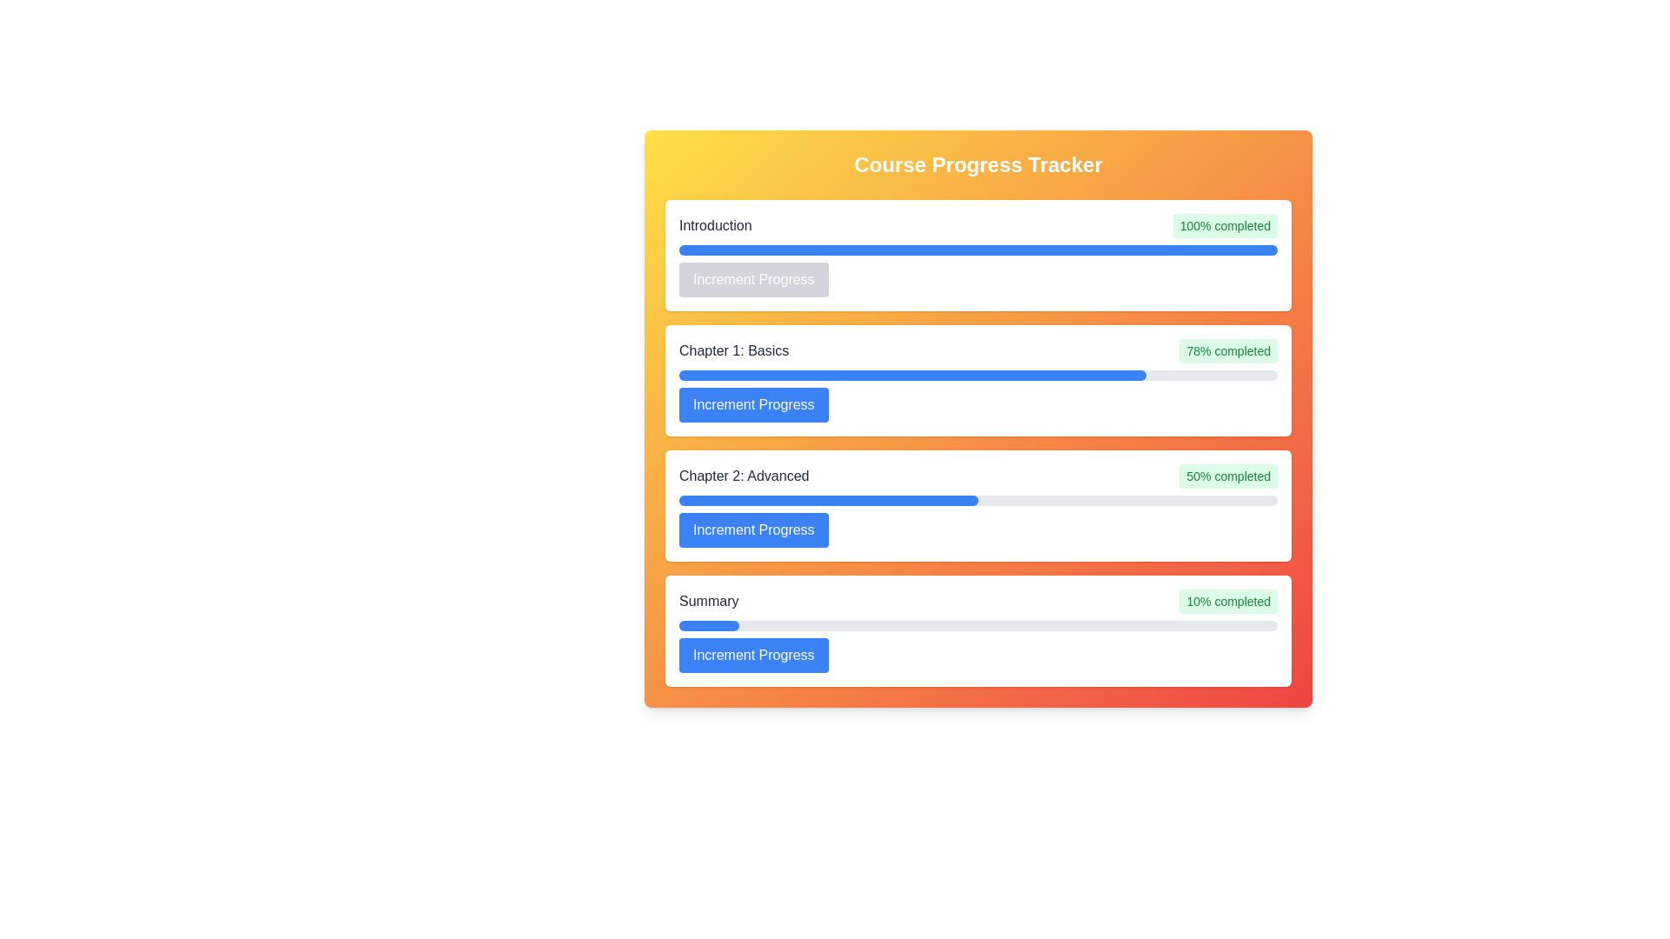 Image resolution: width=1670 pixels, height=939 pixels. Describe the element at coordinates (978, 626) in the screenshot. I see `the progress bar located in the 'Summary' section, which visually represents the progress percentage of a task with a gray background and a blue completed portion` at that location.